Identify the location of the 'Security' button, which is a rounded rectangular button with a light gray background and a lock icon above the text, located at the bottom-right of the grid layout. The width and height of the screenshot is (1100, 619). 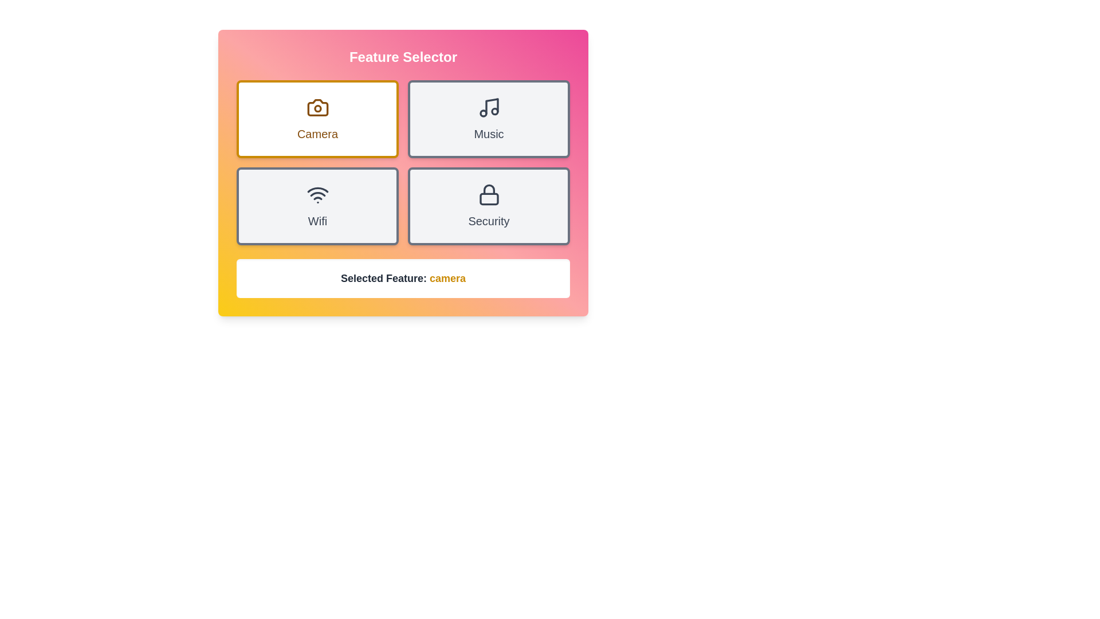
(489, 205).